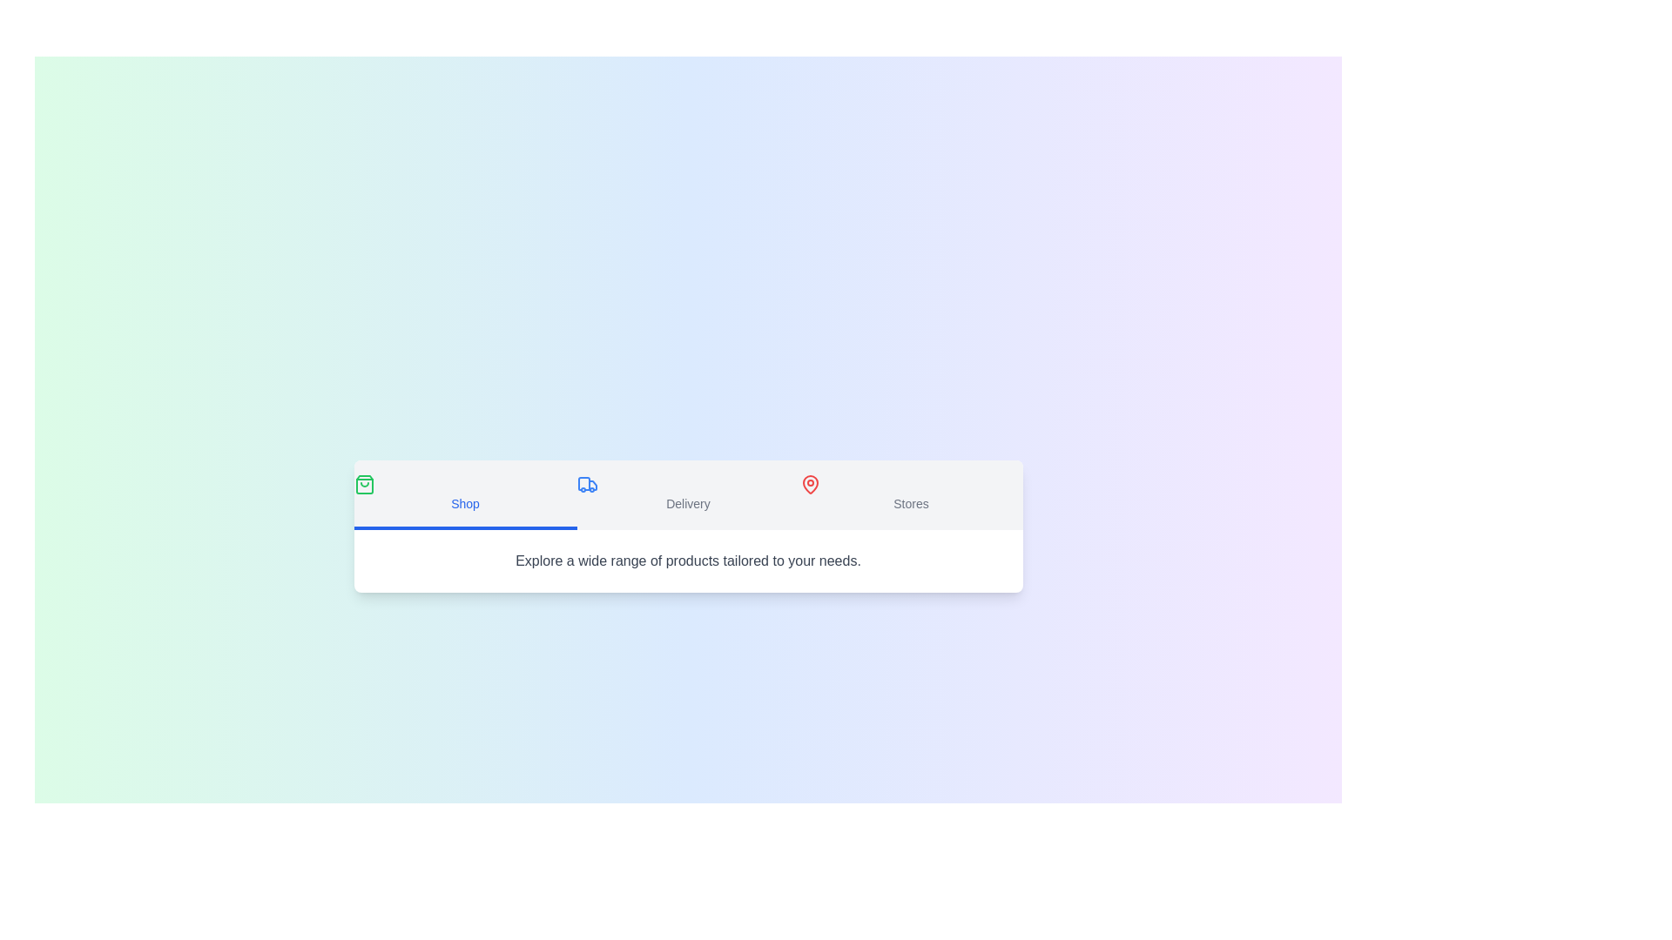 Image resolution: width=1672 pixels, height=940 pixels. What do you see at coordinates (910, 495) in the screenshot?
I see `the Stores tab by clicking on its label` at bounding box center [910, 495].